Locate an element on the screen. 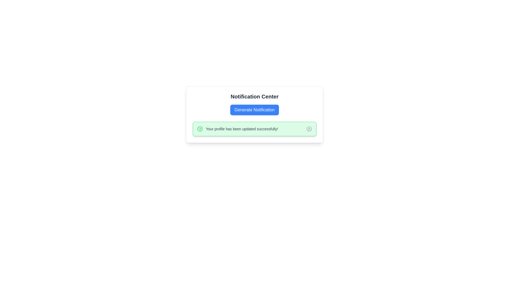 The height and width of the screenshot is (289, 514). the circular iconified button with a crossed line symbol inside, located at the top-right corner of the green notification box is located at coordinates (309, 129).